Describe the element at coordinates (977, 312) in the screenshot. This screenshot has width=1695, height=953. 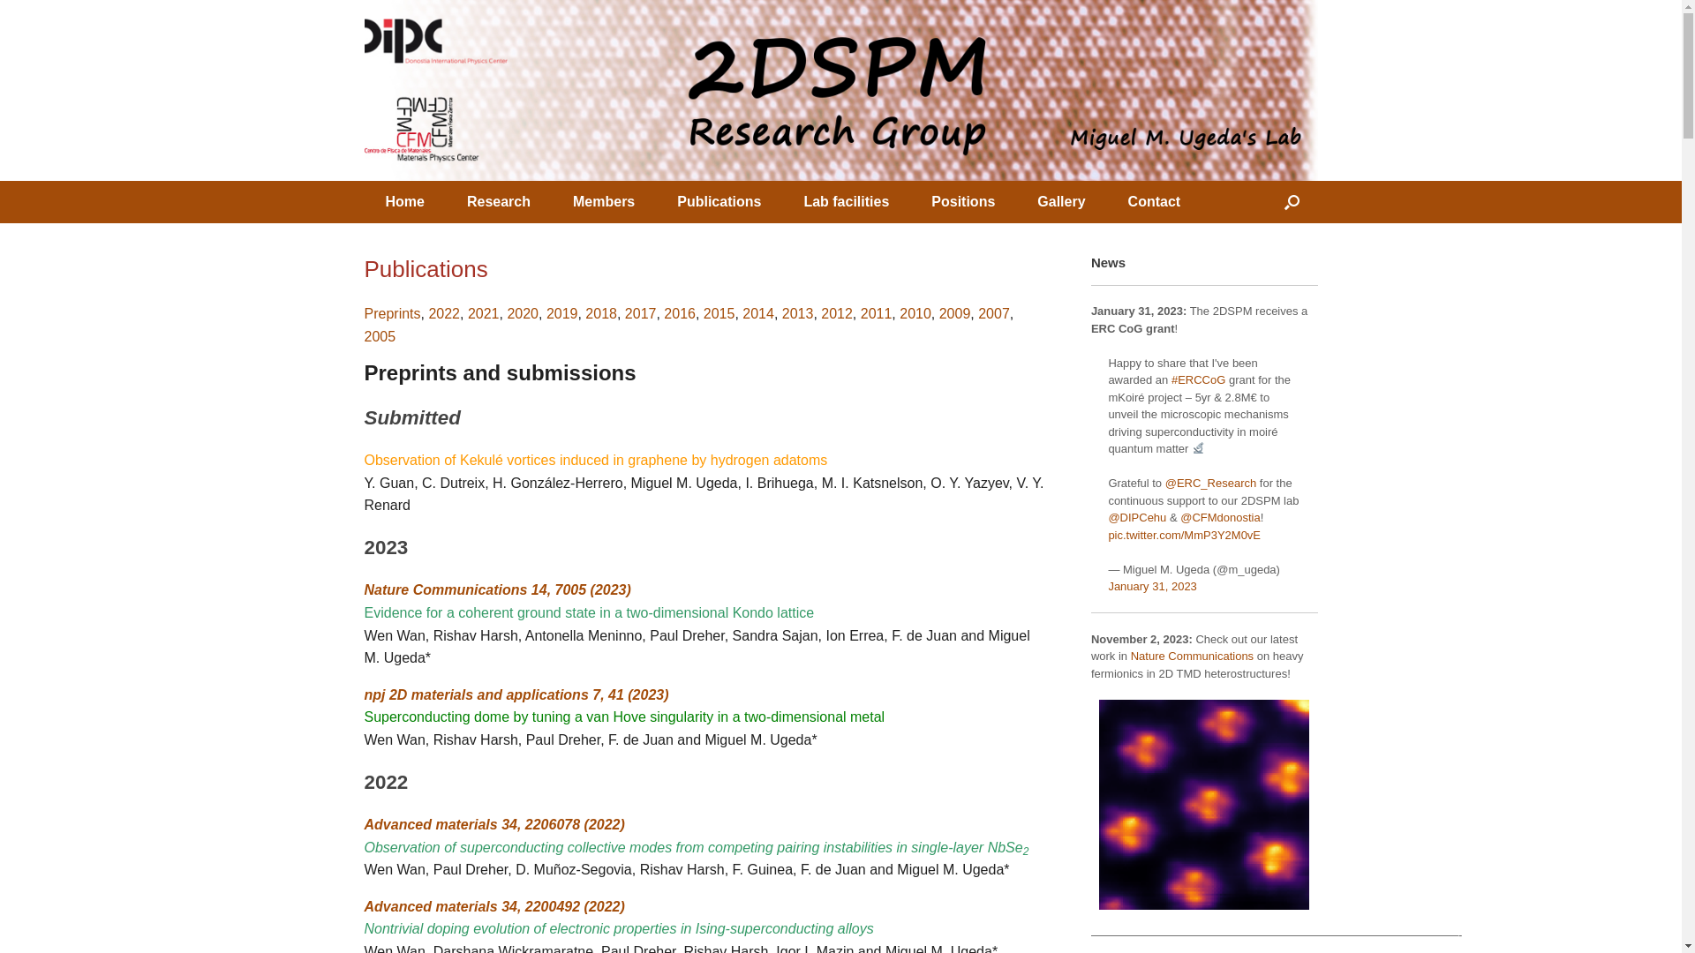
I see `'2007'` at that location.